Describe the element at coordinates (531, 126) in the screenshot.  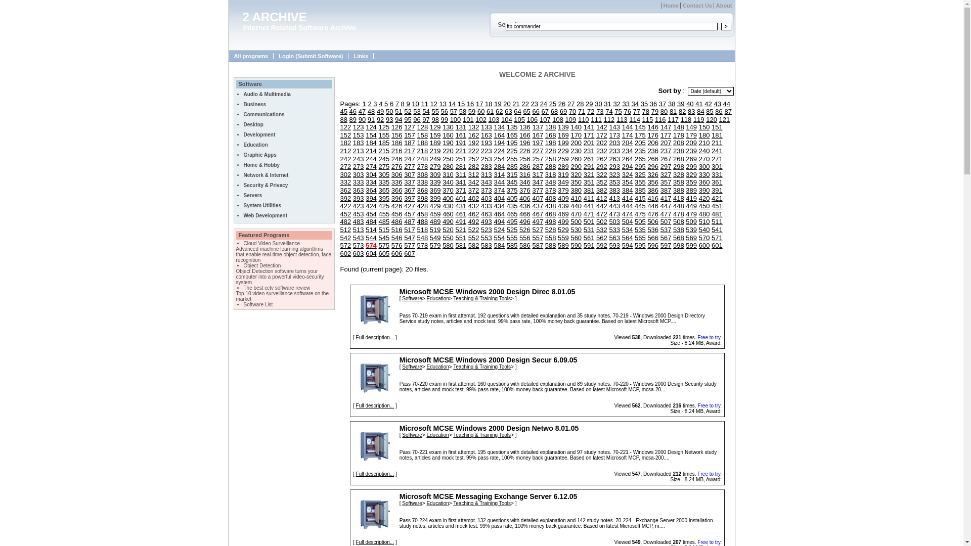
I see `'137'` at that location.